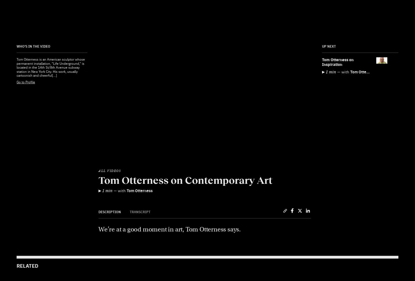 The height and width of the screenshot is (281, 415). What do you see at coordinates (252, 79) in the screenshot?
I see `'Exile is a kind of death of who you once were.'` at bounding box center [252, 79].